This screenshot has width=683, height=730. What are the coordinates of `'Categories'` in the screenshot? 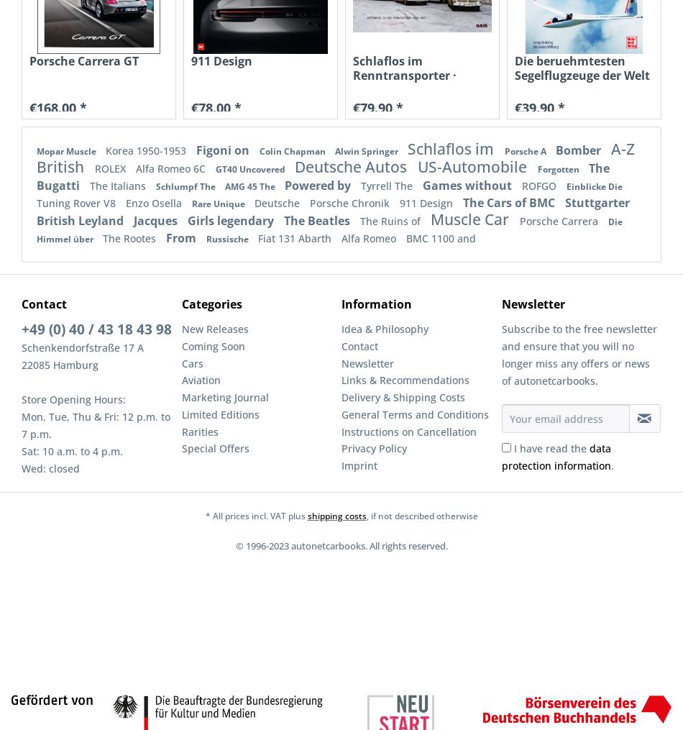 It's located at (211, 304).